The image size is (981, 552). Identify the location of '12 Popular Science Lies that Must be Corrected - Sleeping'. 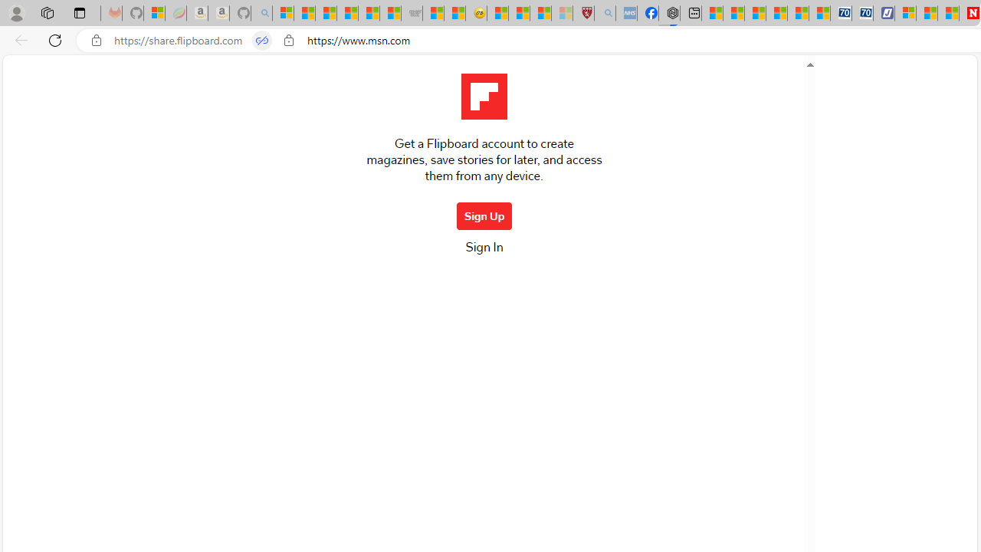
(561, 13).